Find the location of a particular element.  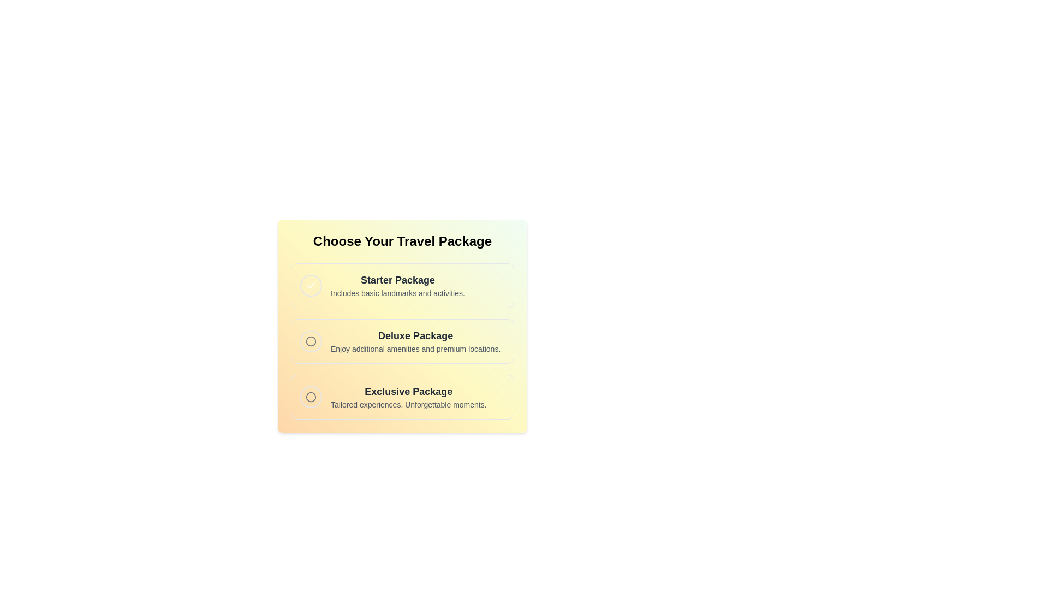

the text element that reads 'Enjoy additional amenities and premium locations.' which is located below the 'Deluxe Package' header in the selection card is located at coordinates (415, 349).